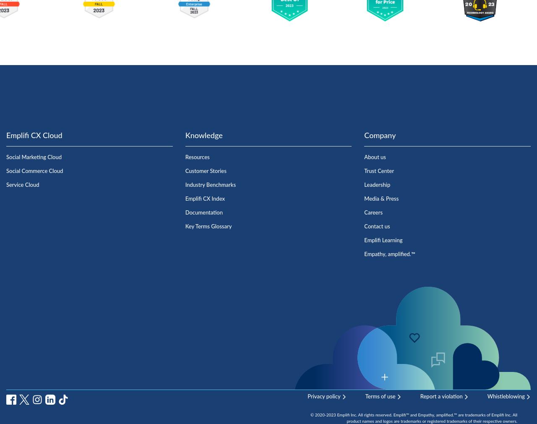 The image size is (537, 424). Describe the element at coordinates (323, 396) in the screenshot. I see `'Privacy policy'` at that location.